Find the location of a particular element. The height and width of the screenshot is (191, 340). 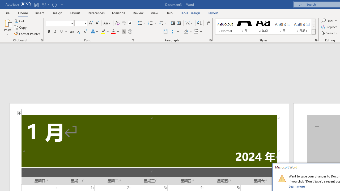

'Align Left' is located at coordinates (140, 32).